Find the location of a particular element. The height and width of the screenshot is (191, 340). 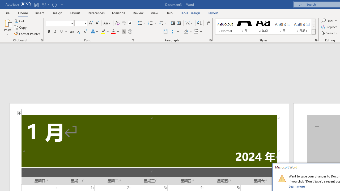

'Align Left' is located at coordinates (140, 32).